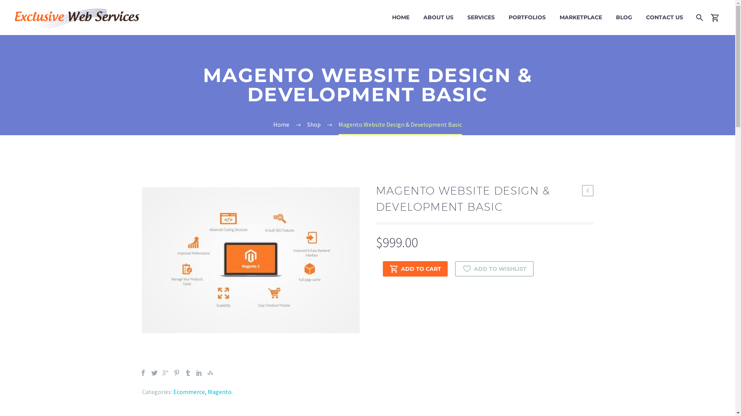  What do you see at coordinates (189, 392) in the screenshot?
I see `'Ecommerce'` at bounding box center [189, 392].